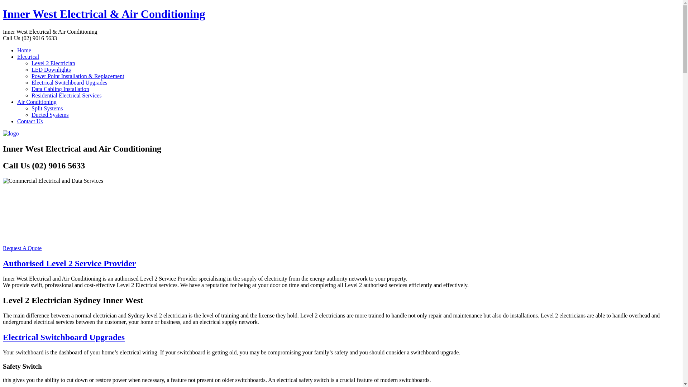 The height and width of the screenshot is (387, 688). What do you see at coordinates (29, 121) in the screenshot?
I see `'Contact Us'` at bounding box center [29, 121].